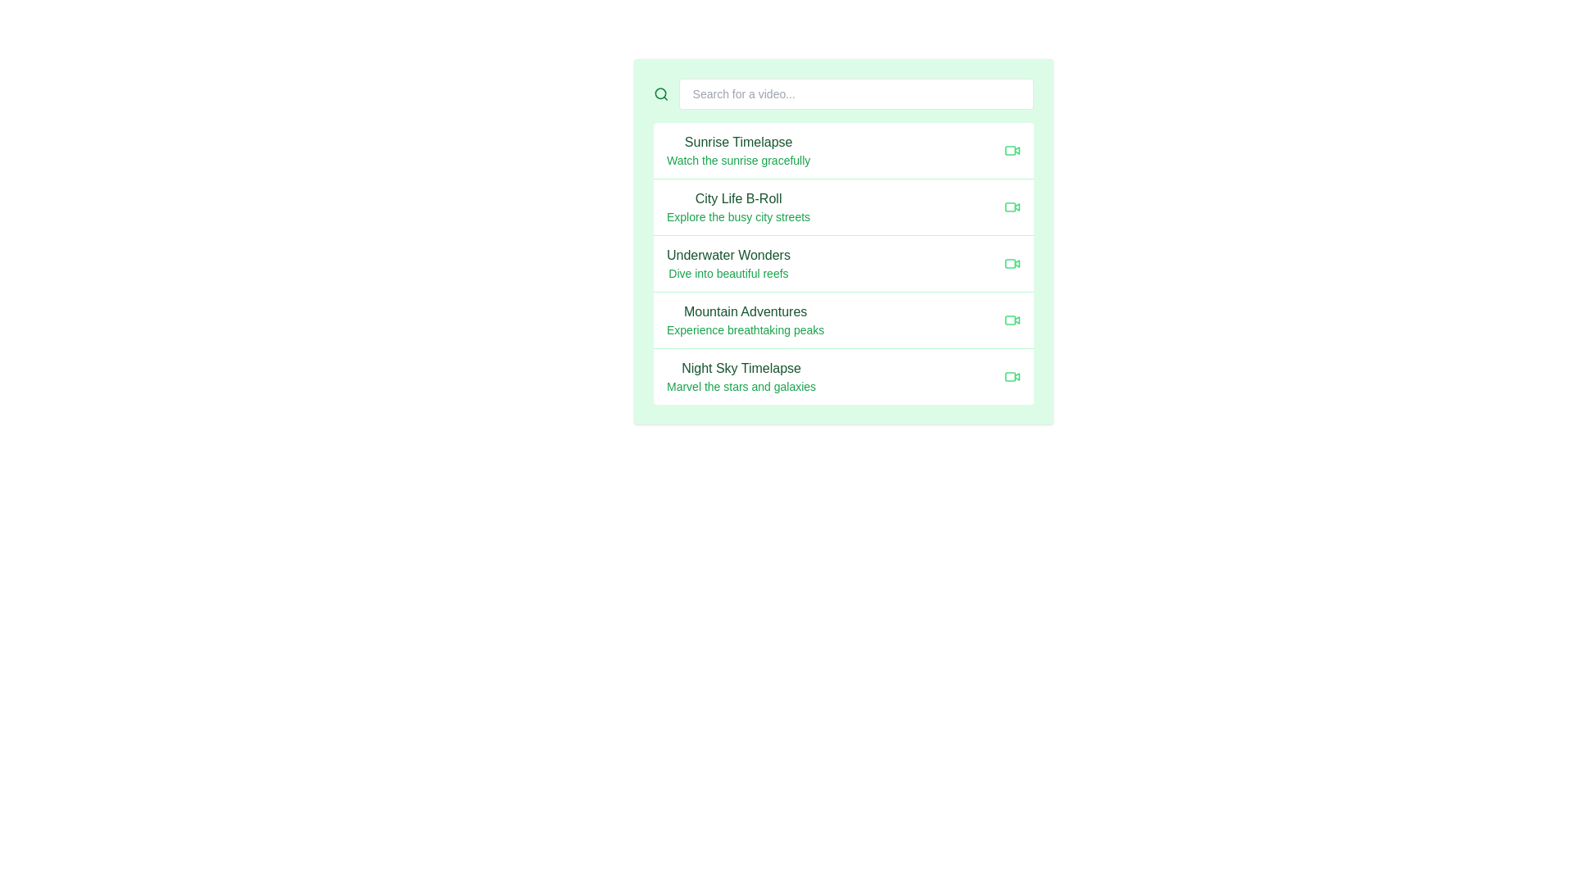 The width and height of the screenshot is (1573, 885). I want to click on the design of the icon graphical component located to the right of the 'Sunrise Timelapse' list item, which serves as a visual indication related to the video format, so click(1009, 151).